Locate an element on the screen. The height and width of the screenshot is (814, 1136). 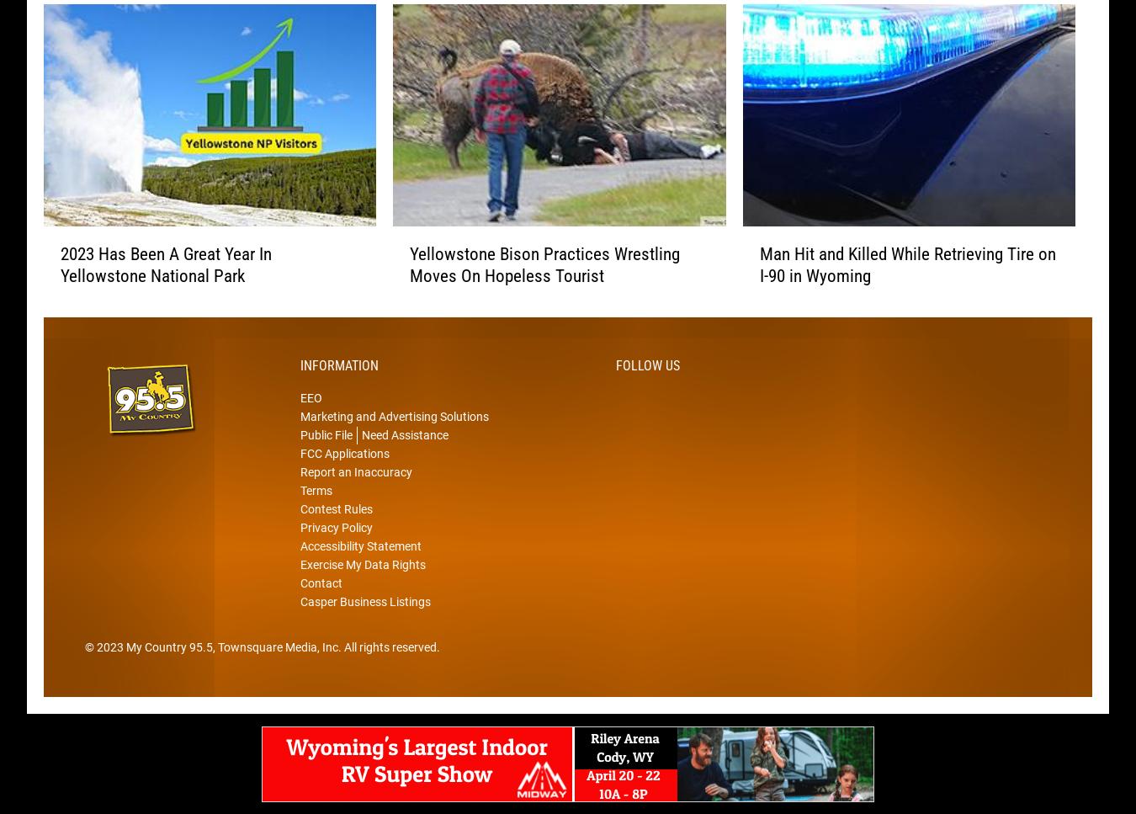
'2023 Has Been A Great Year In Yellowstone National Park' is located at coordinates (166, 290).